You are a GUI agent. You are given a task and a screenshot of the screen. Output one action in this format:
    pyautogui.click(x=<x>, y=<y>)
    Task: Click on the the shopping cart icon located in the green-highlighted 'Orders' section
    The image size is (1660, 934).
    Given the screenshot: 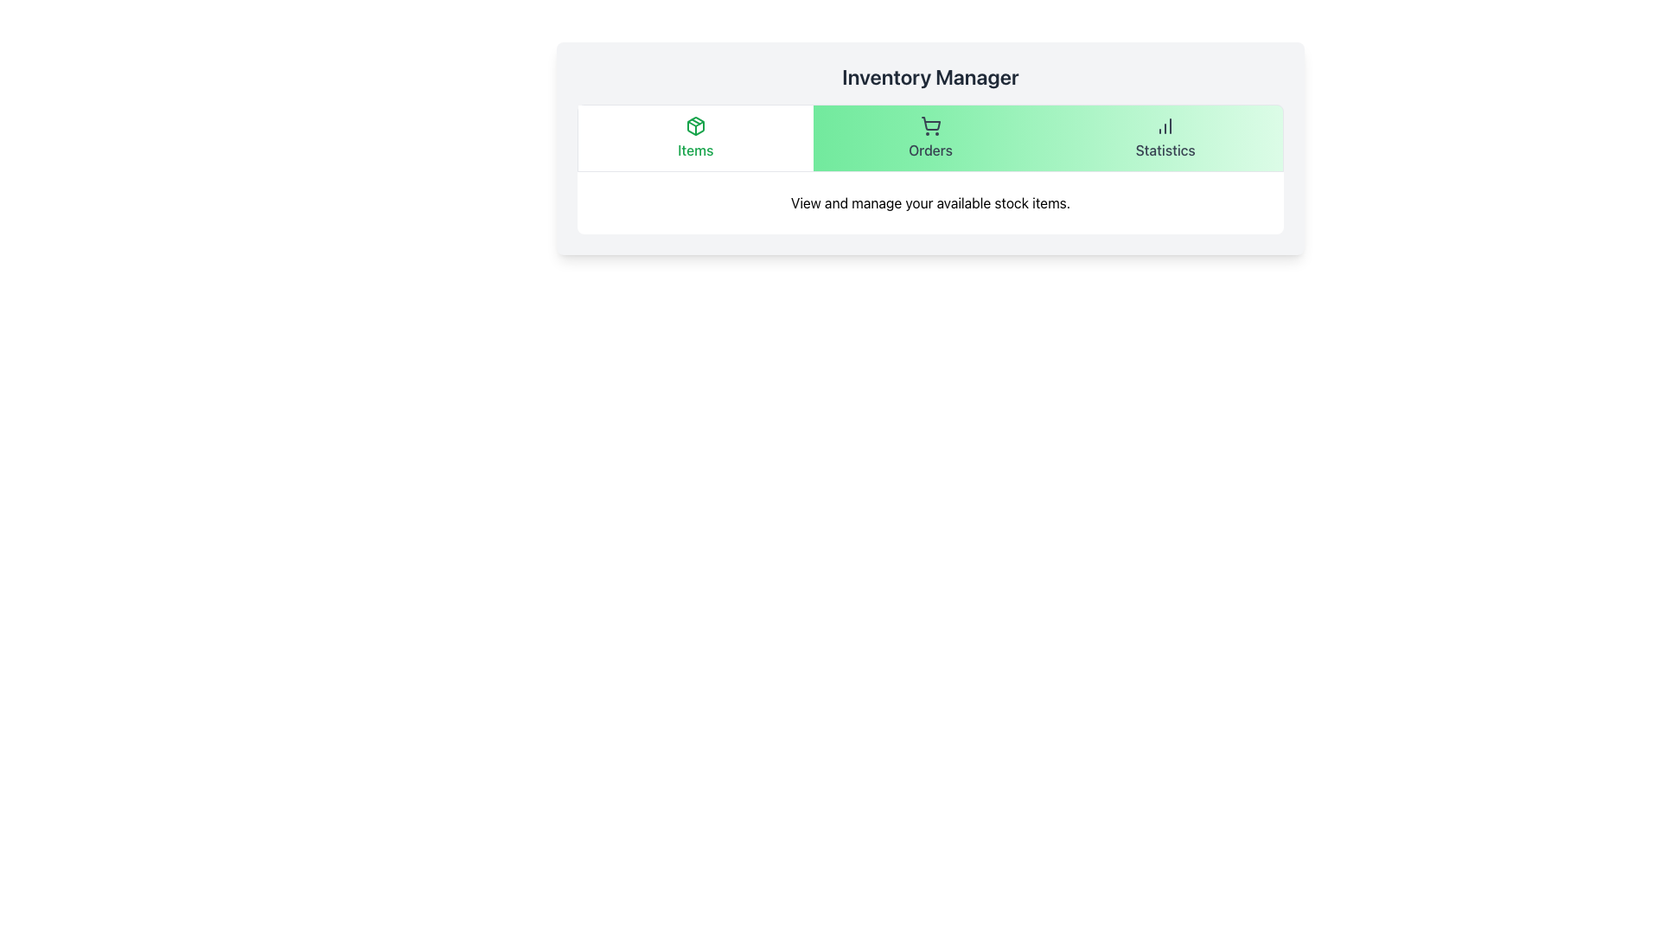 What is the action you would take?
    pyautogui.click(x=929, y=125)
    